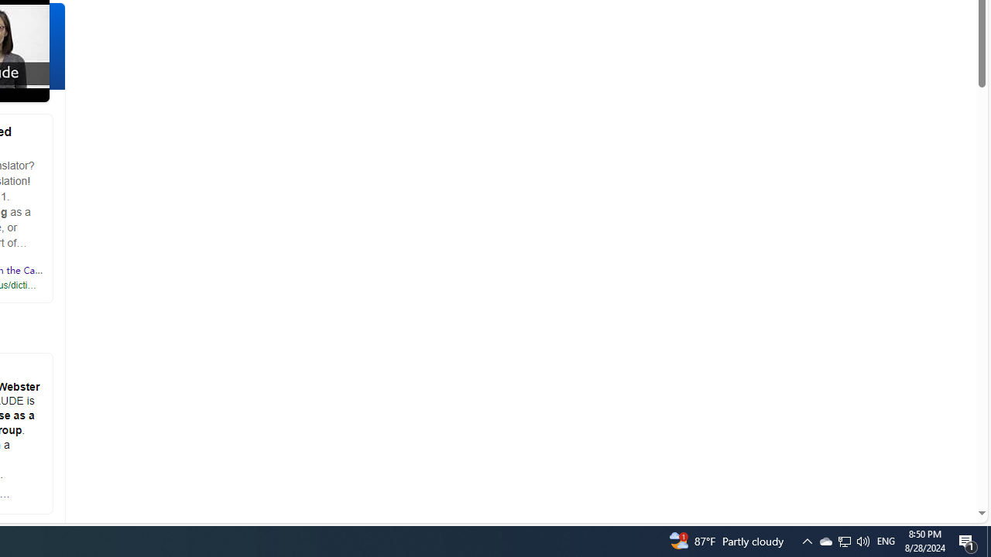 The height and width of the screenshot is (557, 991). I want to click on 'AutomationID: mfa_root', so click(923, 466).